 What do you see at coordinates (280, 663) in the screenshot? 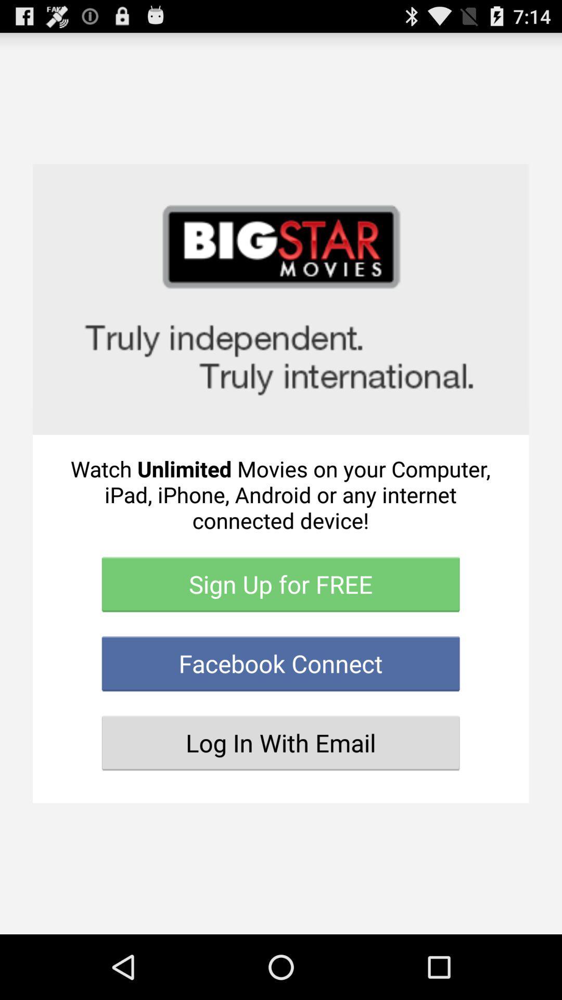
I see `the item below the sign up for` at bounding box center [280, 663].